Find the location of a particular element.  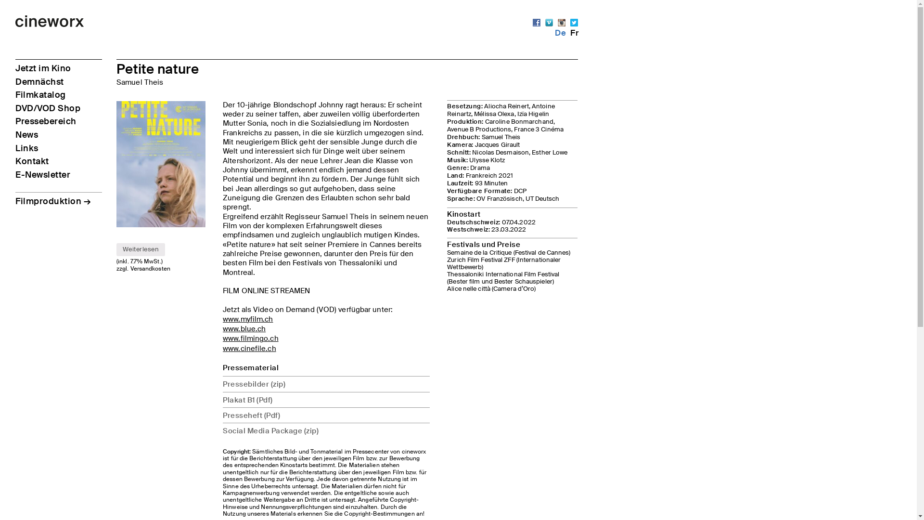

' Twitter' is located at coordinates (574, 22).